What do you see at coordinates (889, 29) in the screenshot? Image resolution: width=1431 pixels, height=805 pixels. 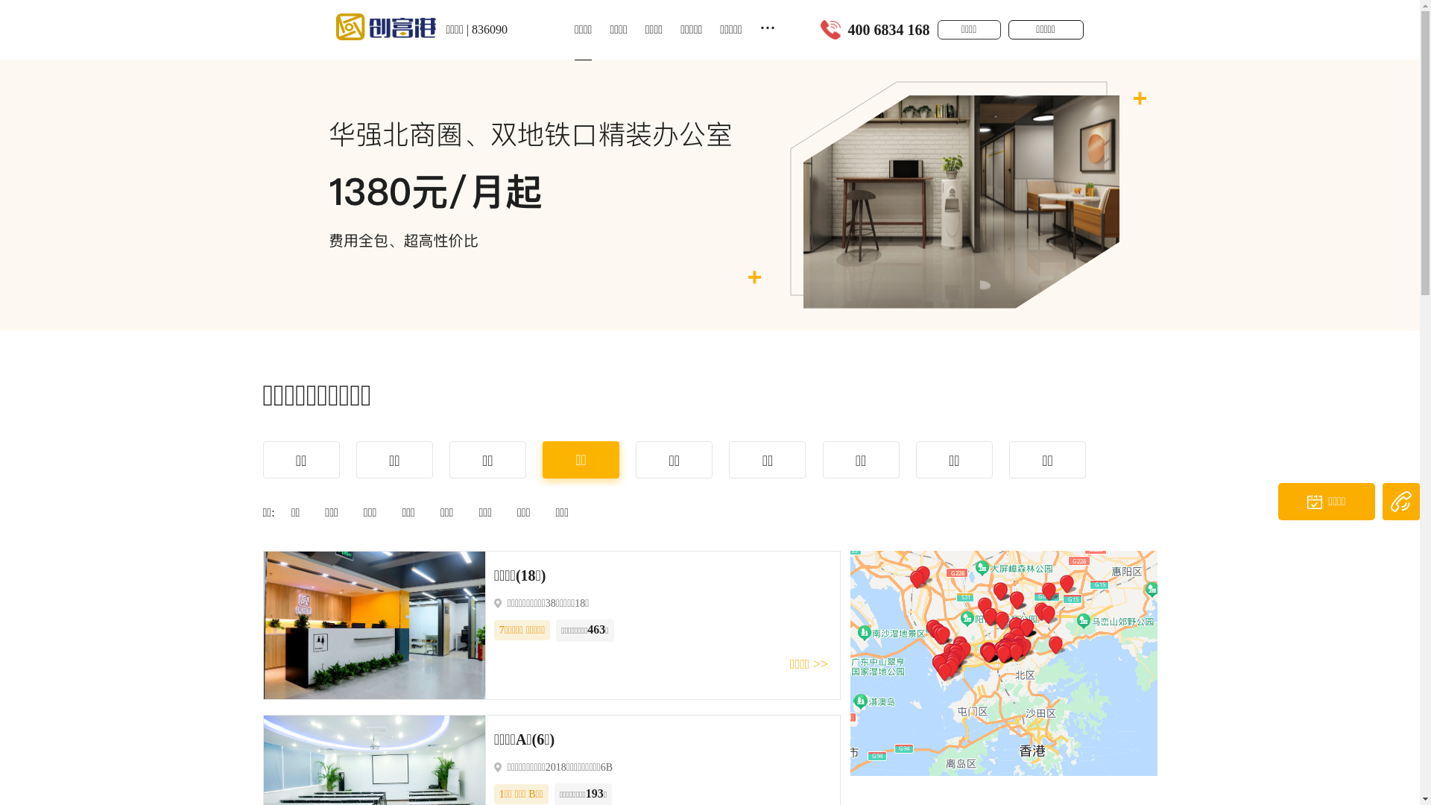 I see `'400 6834 168'` at bounding box center [889, 29].